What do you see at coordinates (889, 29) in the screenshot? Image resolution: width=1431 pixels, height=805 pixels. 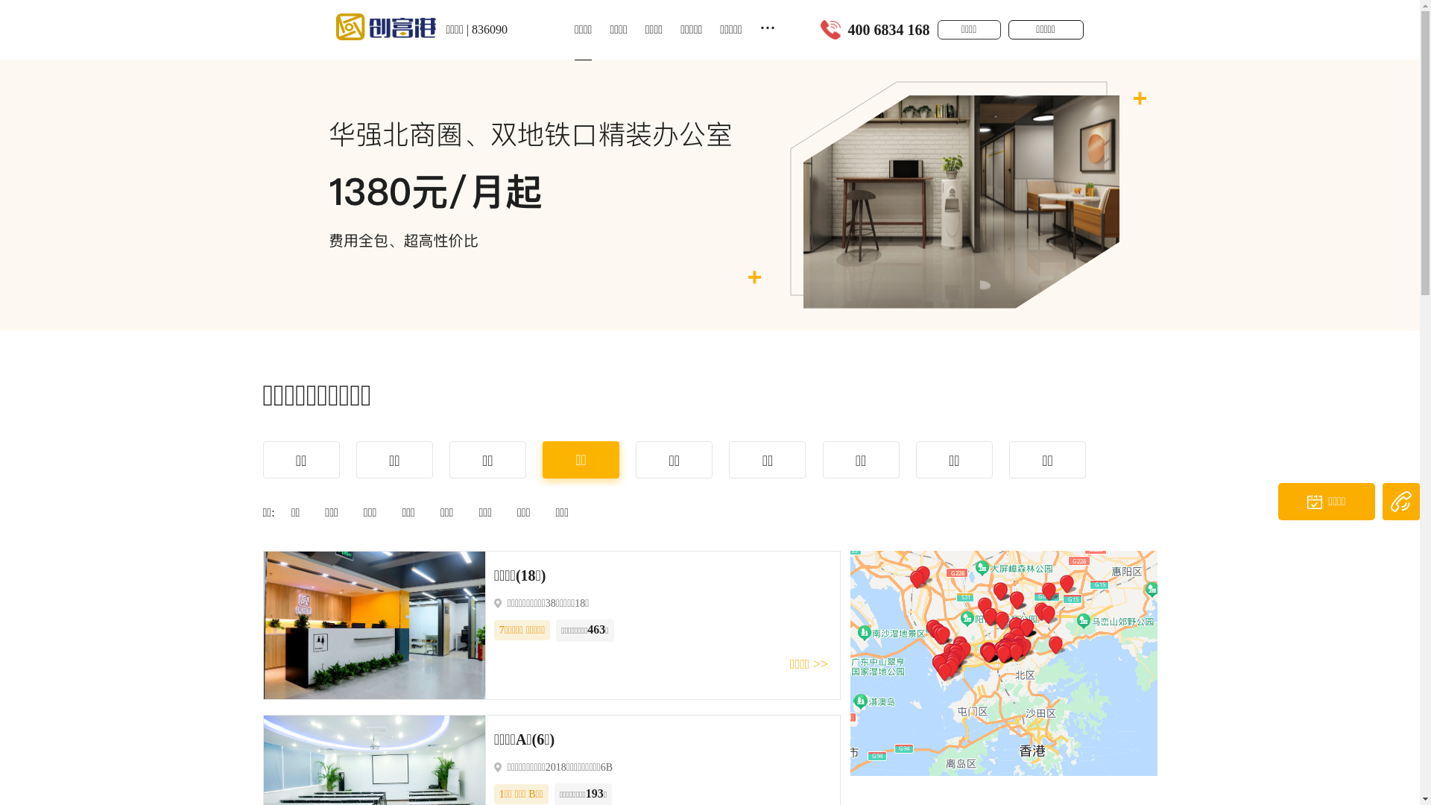 I see `'400 6834 168'` at bounding box center [889, 29].